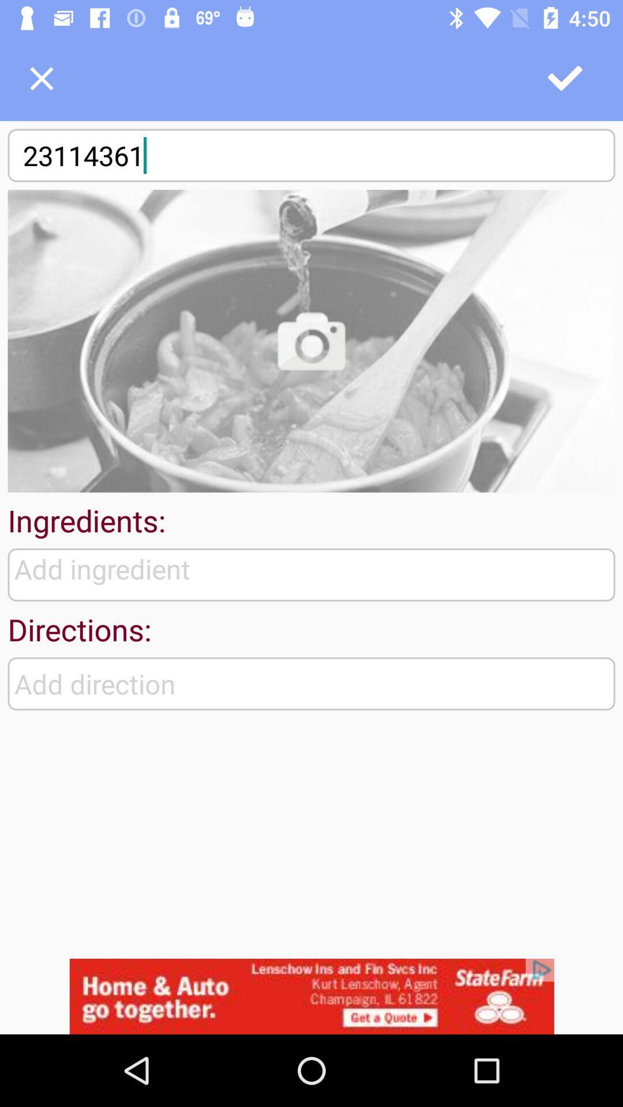  Describe the element at coordinates (311, 340) in the screenshot. I see `you can find a recipe for your mood easy recipes using ingredients you already have in the kitchen` at that location.